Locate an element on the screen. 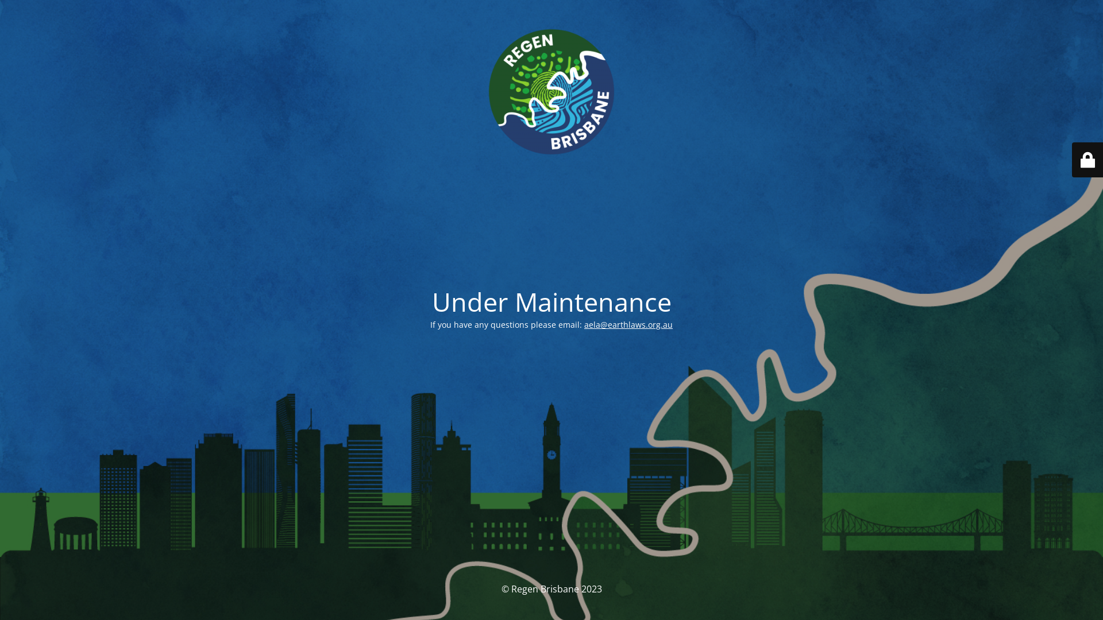 The height and width of the screenshot is (620, 1103). 'aela@earthlaws.org.au' is located at coordinates (628, 324).